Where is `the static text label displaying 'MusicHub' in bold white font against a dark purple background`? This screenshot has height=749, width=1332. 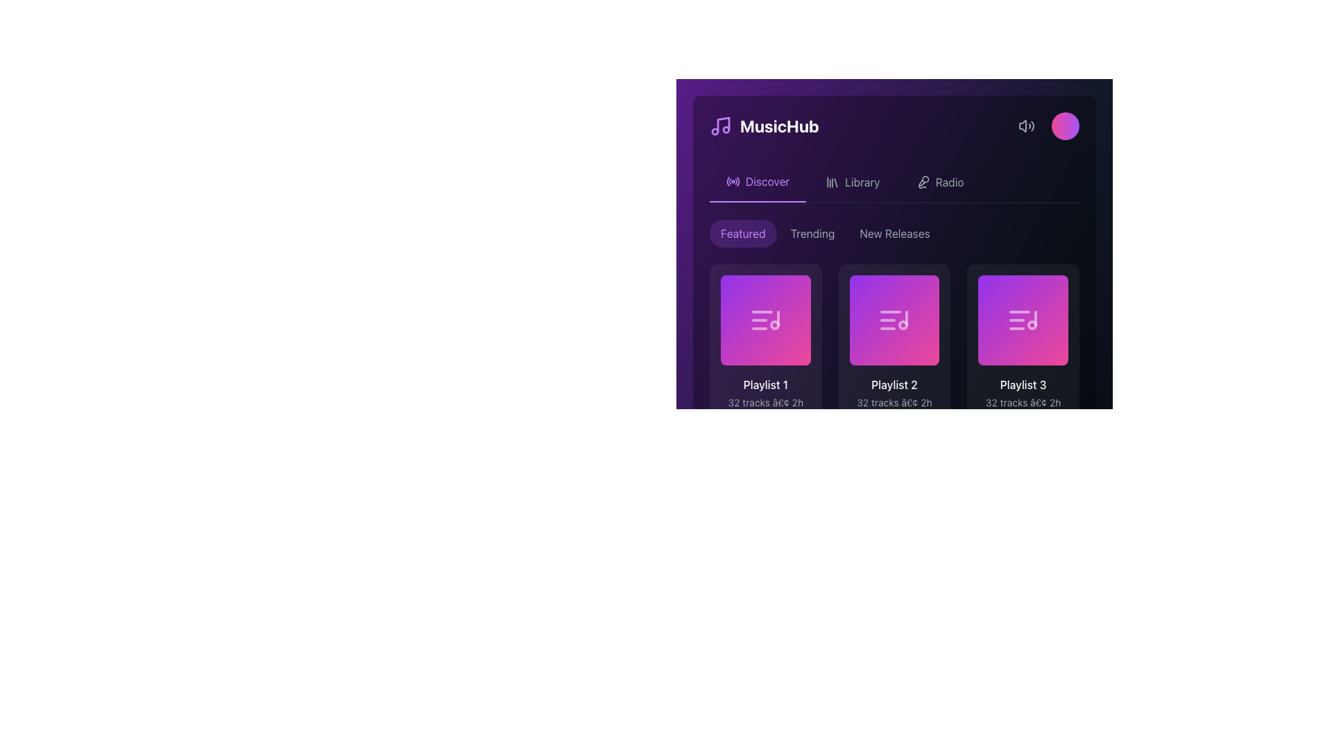 the static text label displaying 'MusicHub' in bold white font against a dark purple background is located at coordinates (779, 126).